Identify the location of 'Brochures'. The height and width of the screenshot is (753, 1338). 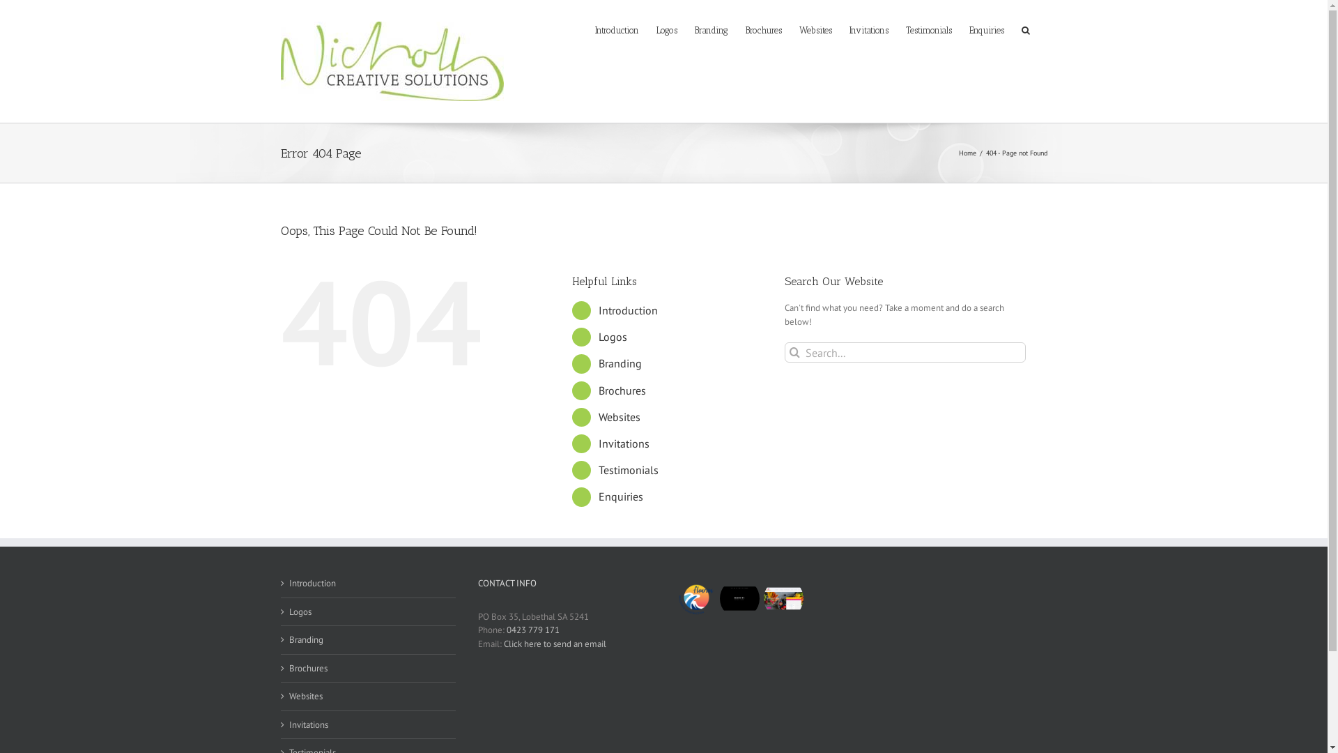
(762, 29).